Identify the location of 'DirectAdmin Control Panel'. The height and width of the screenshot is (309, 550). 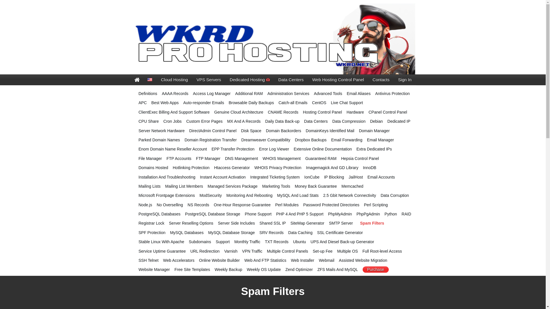
(213, 130).